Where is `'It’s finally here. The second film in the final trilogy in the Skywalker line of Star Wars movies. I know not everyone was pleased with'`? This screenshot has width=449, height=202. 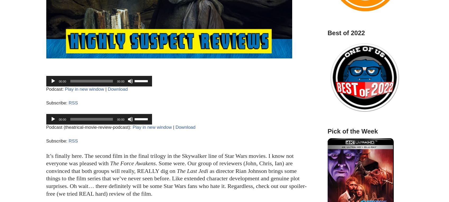
'It’s finally here. The second film in the final trilogy in the Skywalker line of Star Wars movies. I know not everyone was pleased with' is located at coordinates (169, 159).